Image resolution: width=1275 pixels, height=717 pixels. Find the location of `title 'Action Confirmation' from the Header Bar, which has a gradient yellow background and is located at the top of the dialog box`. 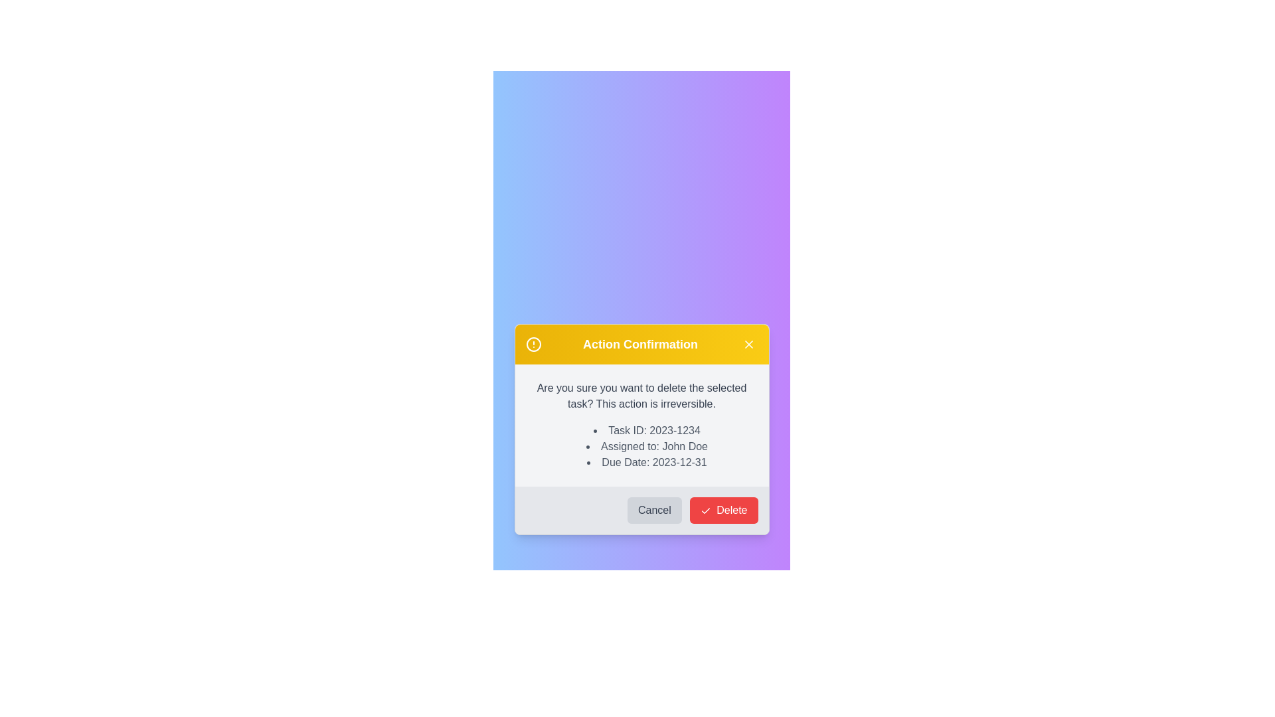

title 'Action Confirmation' from the Header Bar, which has a gradient yellow background and is located at the top of the dialog box is located at coordinates (641, 344).